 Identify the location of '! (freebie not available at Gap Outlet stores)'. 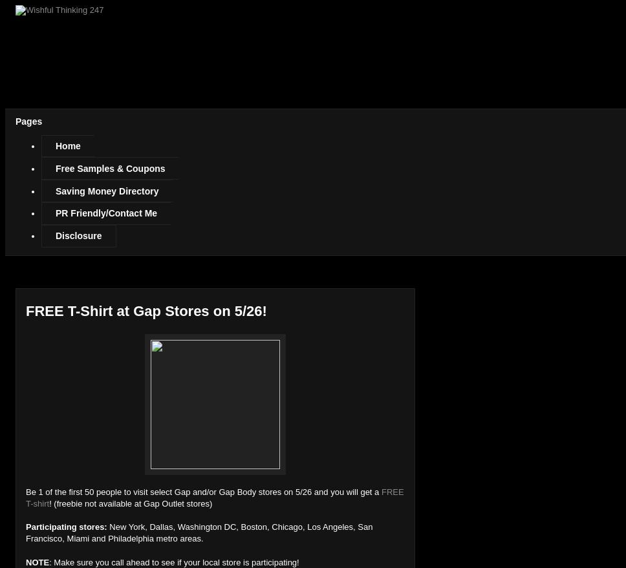
(131, 503).